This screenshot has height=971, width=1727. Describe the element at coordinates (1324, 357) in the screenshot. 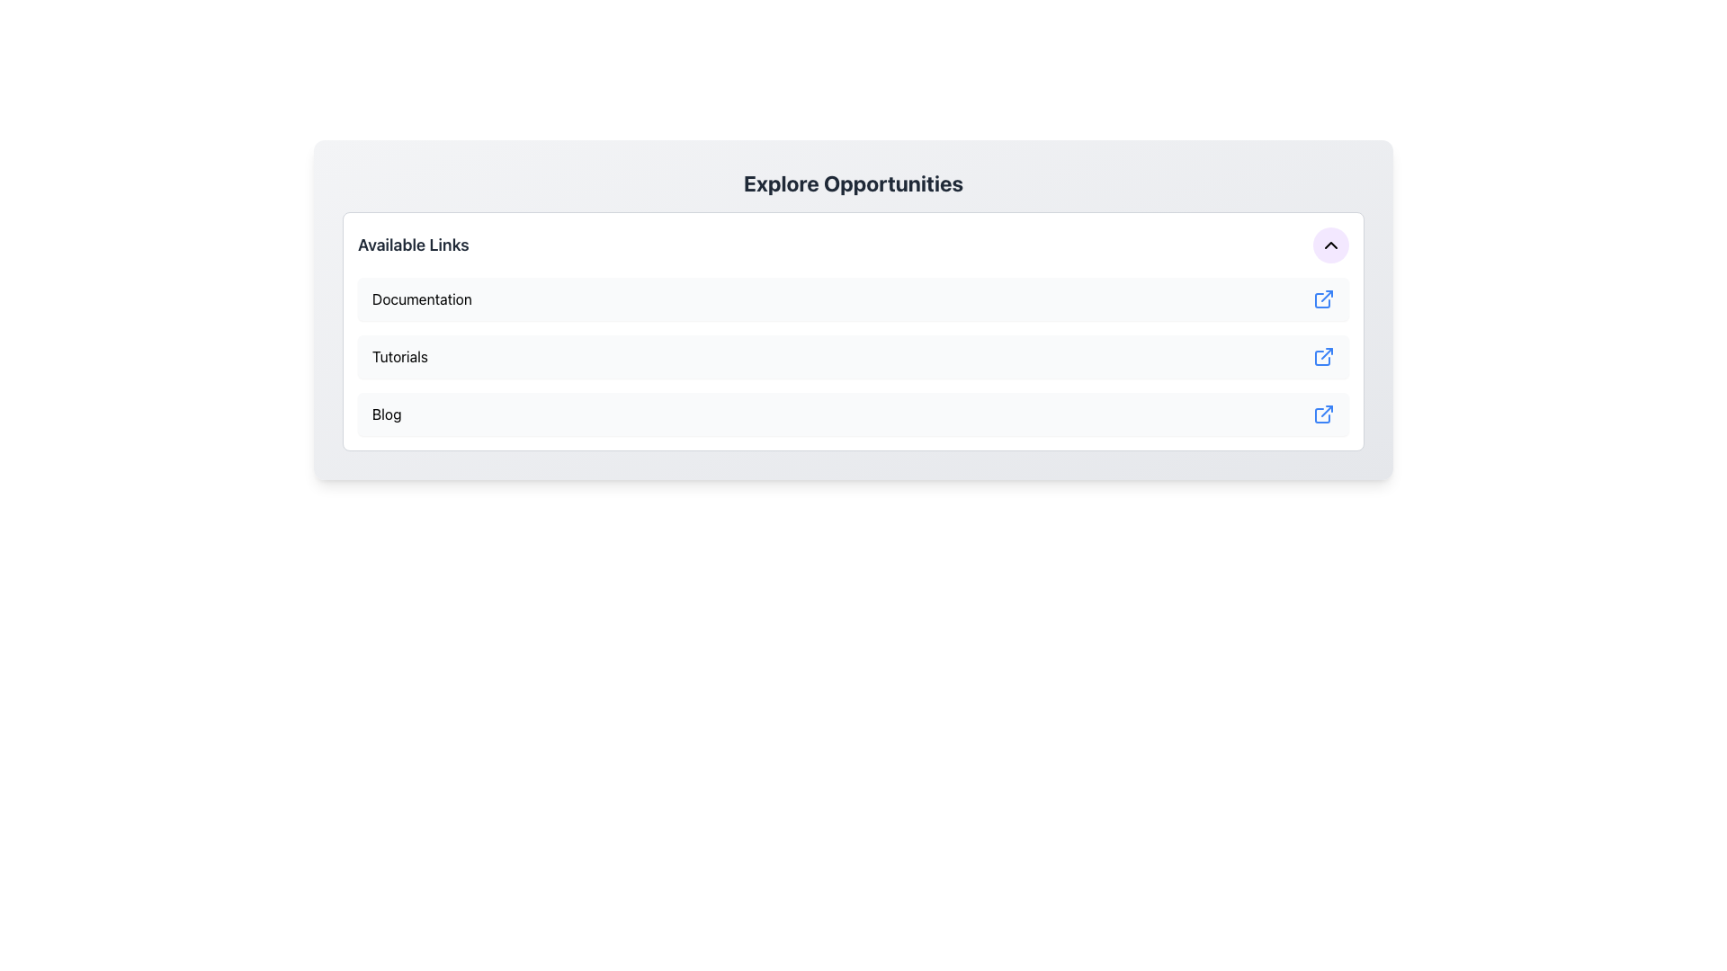

I see `the blue external link icon located at the right end of the 'Tutorials' menu option in the third row of 'Available Links' to follow the external link` at that location.